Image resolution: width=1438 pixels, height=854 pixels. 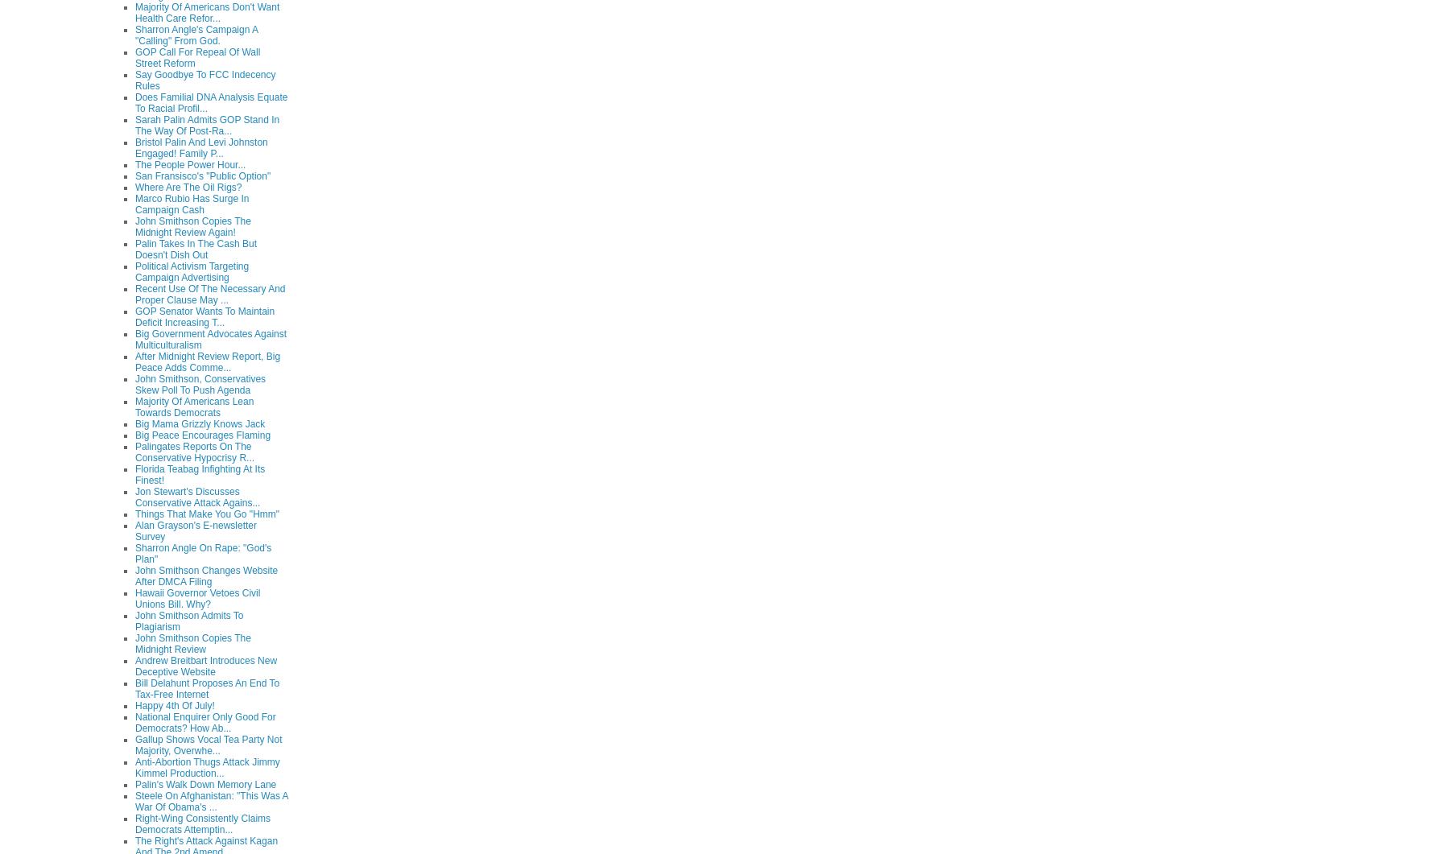 I want to click on 'Bill Delahunt Proposes An End To Tax-Free Internet', so click(x=206, y=687).